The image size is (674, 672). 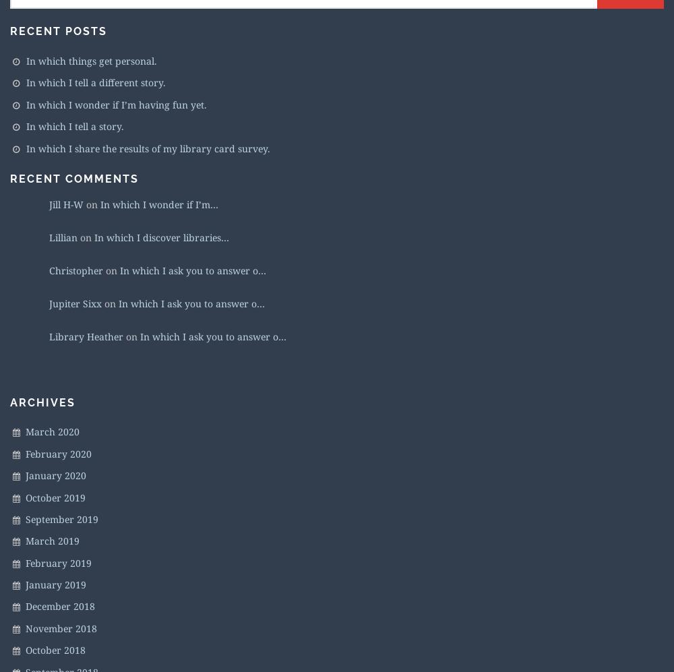 What do you see at coordinates (26, 453) in the screenshot?
I see `'February 2020'` at bounding box center [26, 453].